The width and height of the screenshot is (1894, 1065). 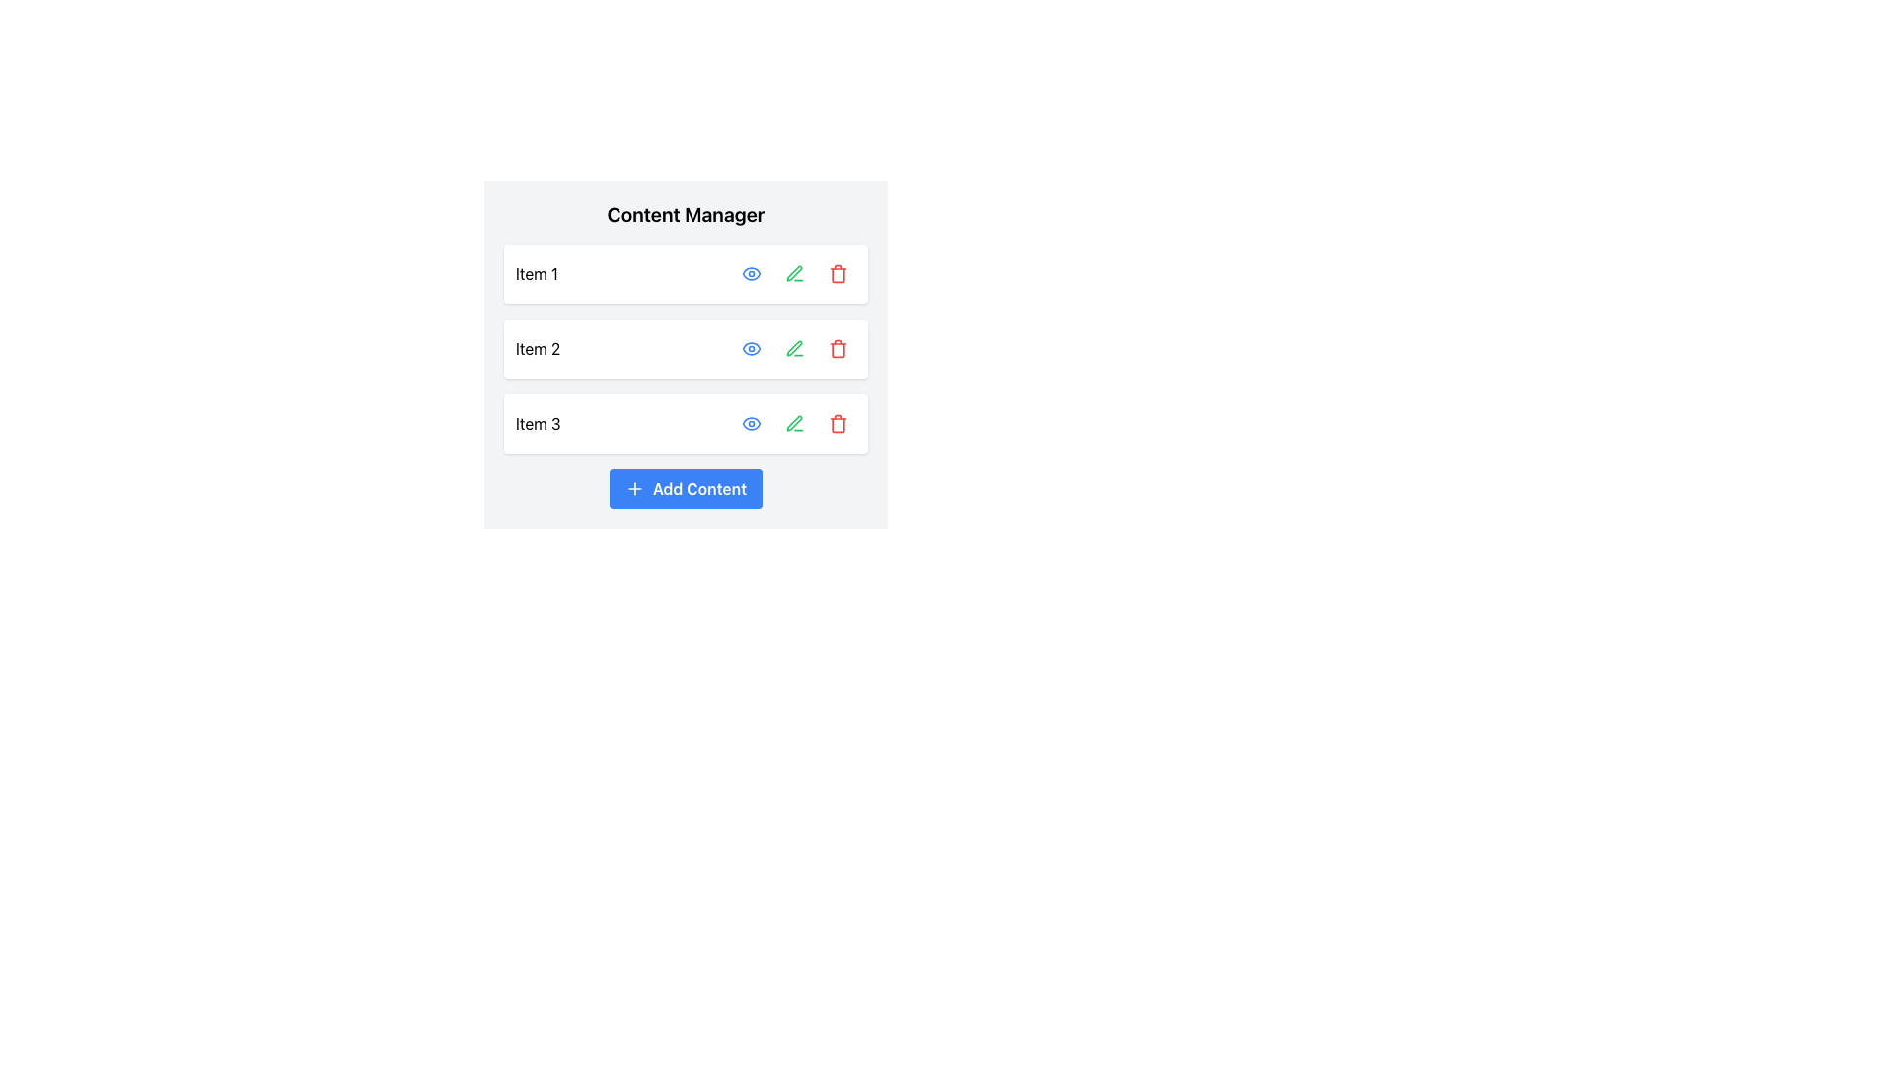 What do you see at coordinates (838, 348) in the screenshot?
I see `the red delete icon button for the second content item in the list under 'Content Manager'` at bounding box center [838, 348].